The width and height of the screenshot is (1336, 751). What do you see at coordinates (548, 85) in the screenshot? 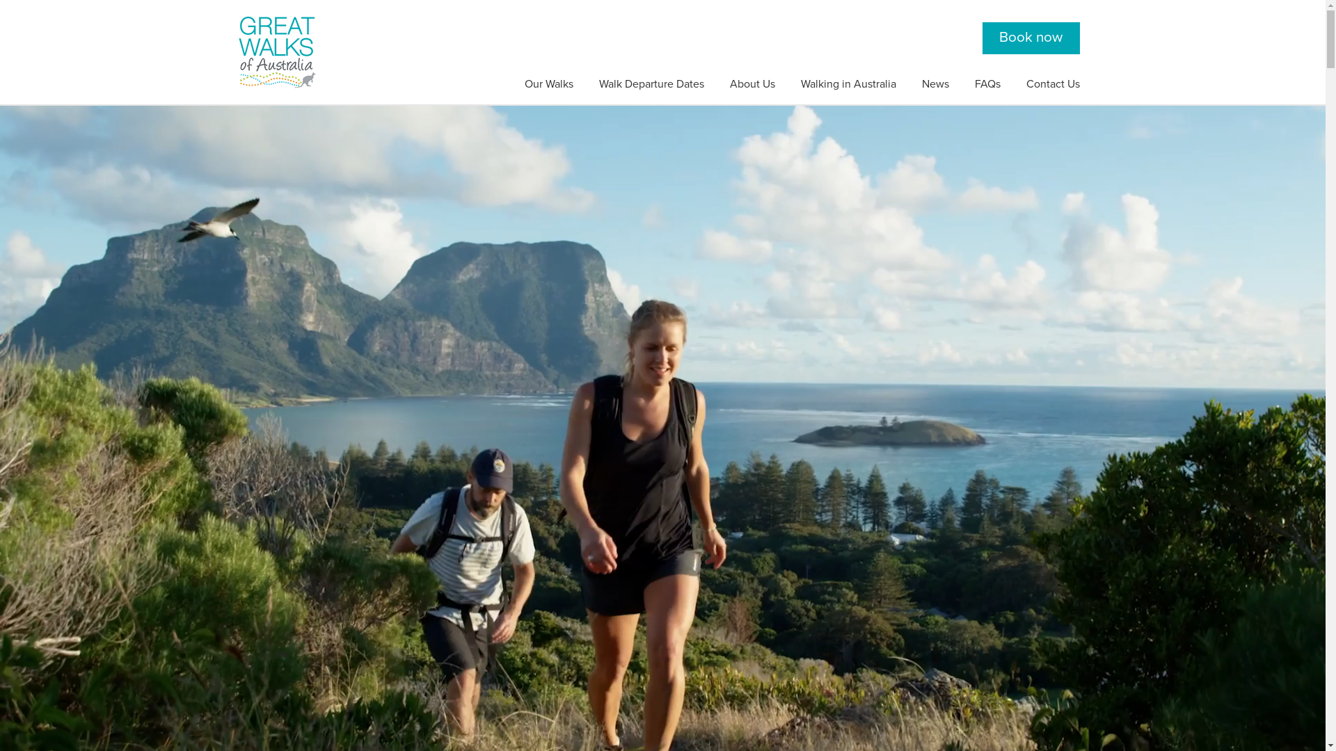
I see `'Our Walks'` at bounding box center [548, 85].